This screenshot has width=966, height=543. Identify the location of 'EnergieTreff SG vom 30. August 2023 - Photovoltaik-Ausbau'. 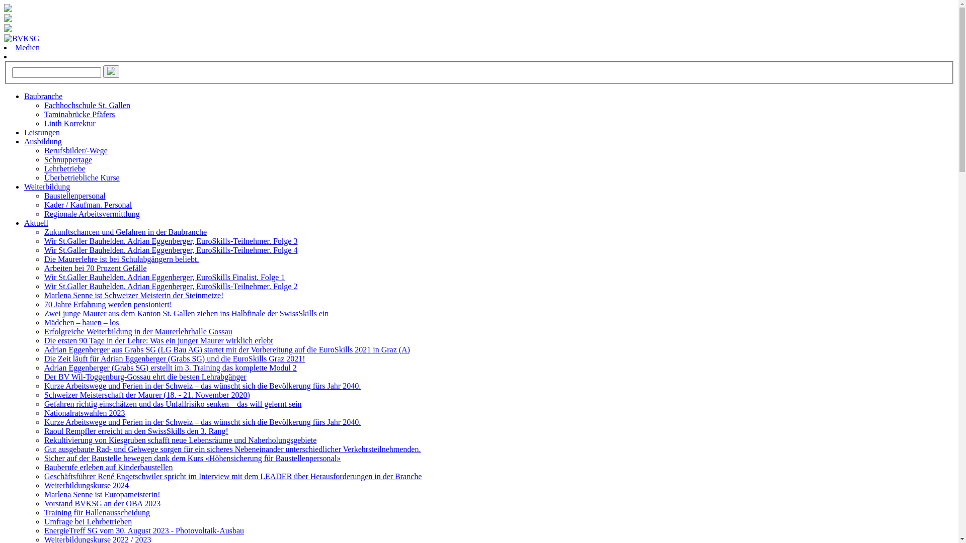
(143, 530).